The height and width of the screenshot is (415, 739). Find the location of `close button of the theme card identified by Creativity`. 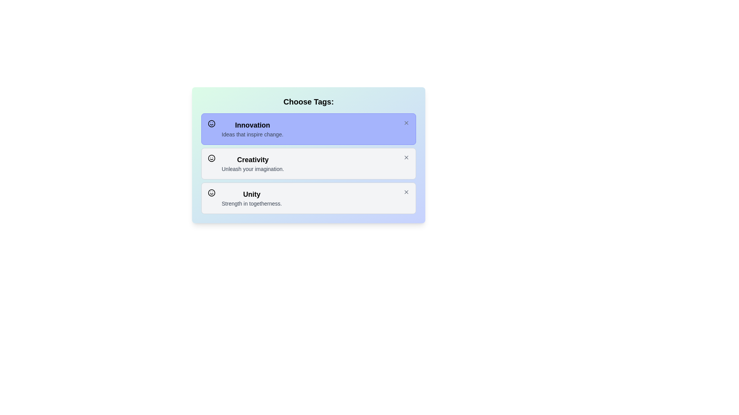

close button of the theme card identified by Creativity is located at coordinates (406, 157).